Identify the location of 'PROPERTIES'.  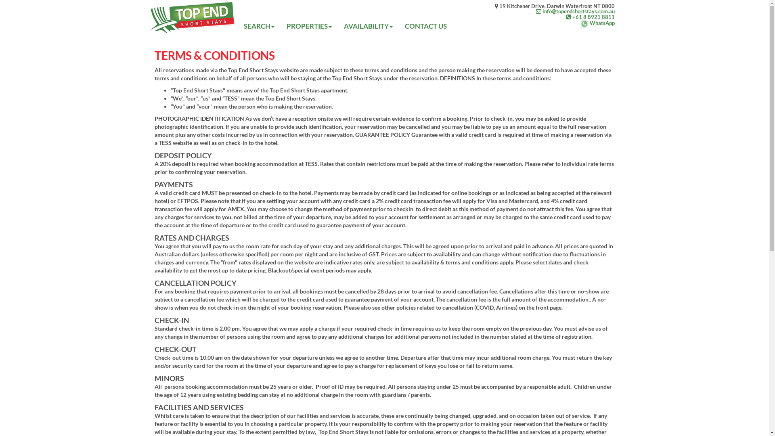
(309, 26).